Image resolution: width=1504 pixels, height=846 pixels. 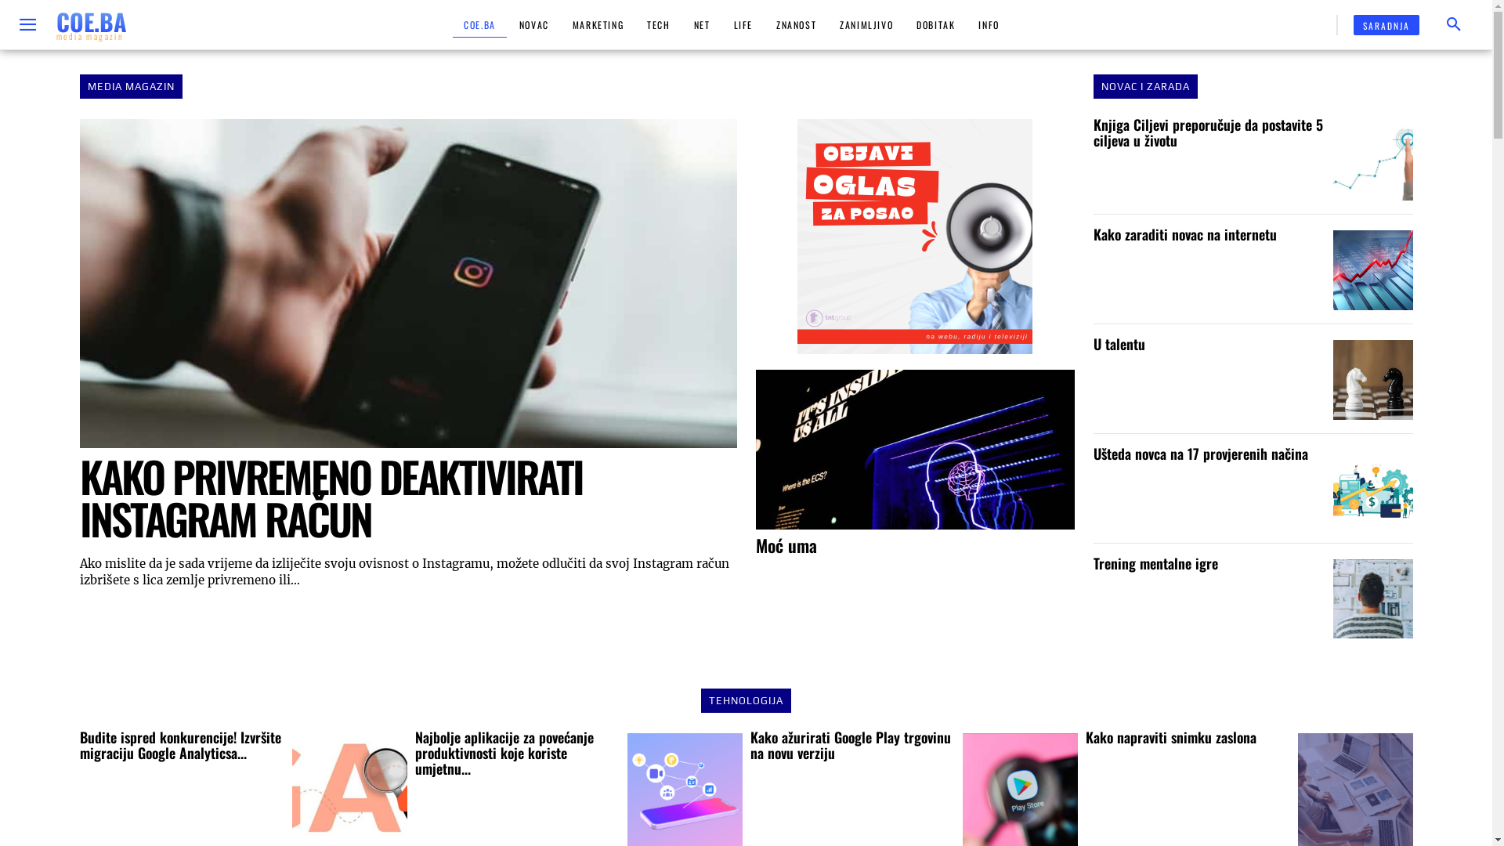 What do you see at coordinates (865, 24) in the screenshot?
I see `'ZANIMLJIVO'` at bounding box center [865, 24].